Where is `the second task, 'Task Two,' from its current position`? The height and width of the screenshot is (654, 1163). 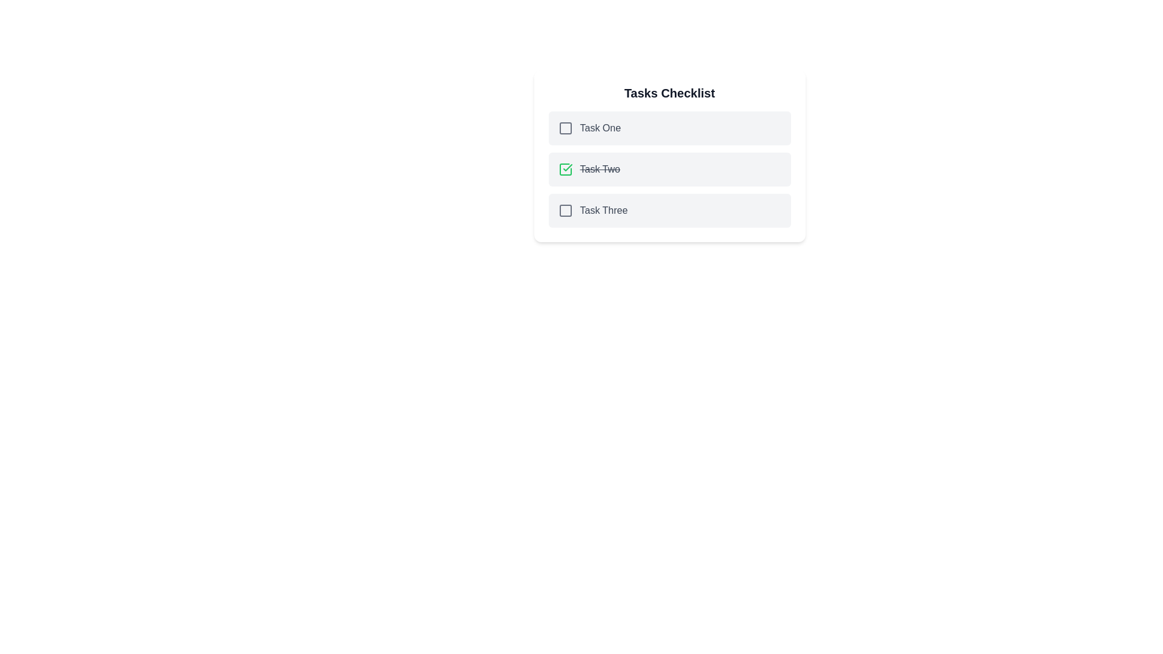
the second task, 'Task Two,' from its current position is located at coordinates (669, 170).